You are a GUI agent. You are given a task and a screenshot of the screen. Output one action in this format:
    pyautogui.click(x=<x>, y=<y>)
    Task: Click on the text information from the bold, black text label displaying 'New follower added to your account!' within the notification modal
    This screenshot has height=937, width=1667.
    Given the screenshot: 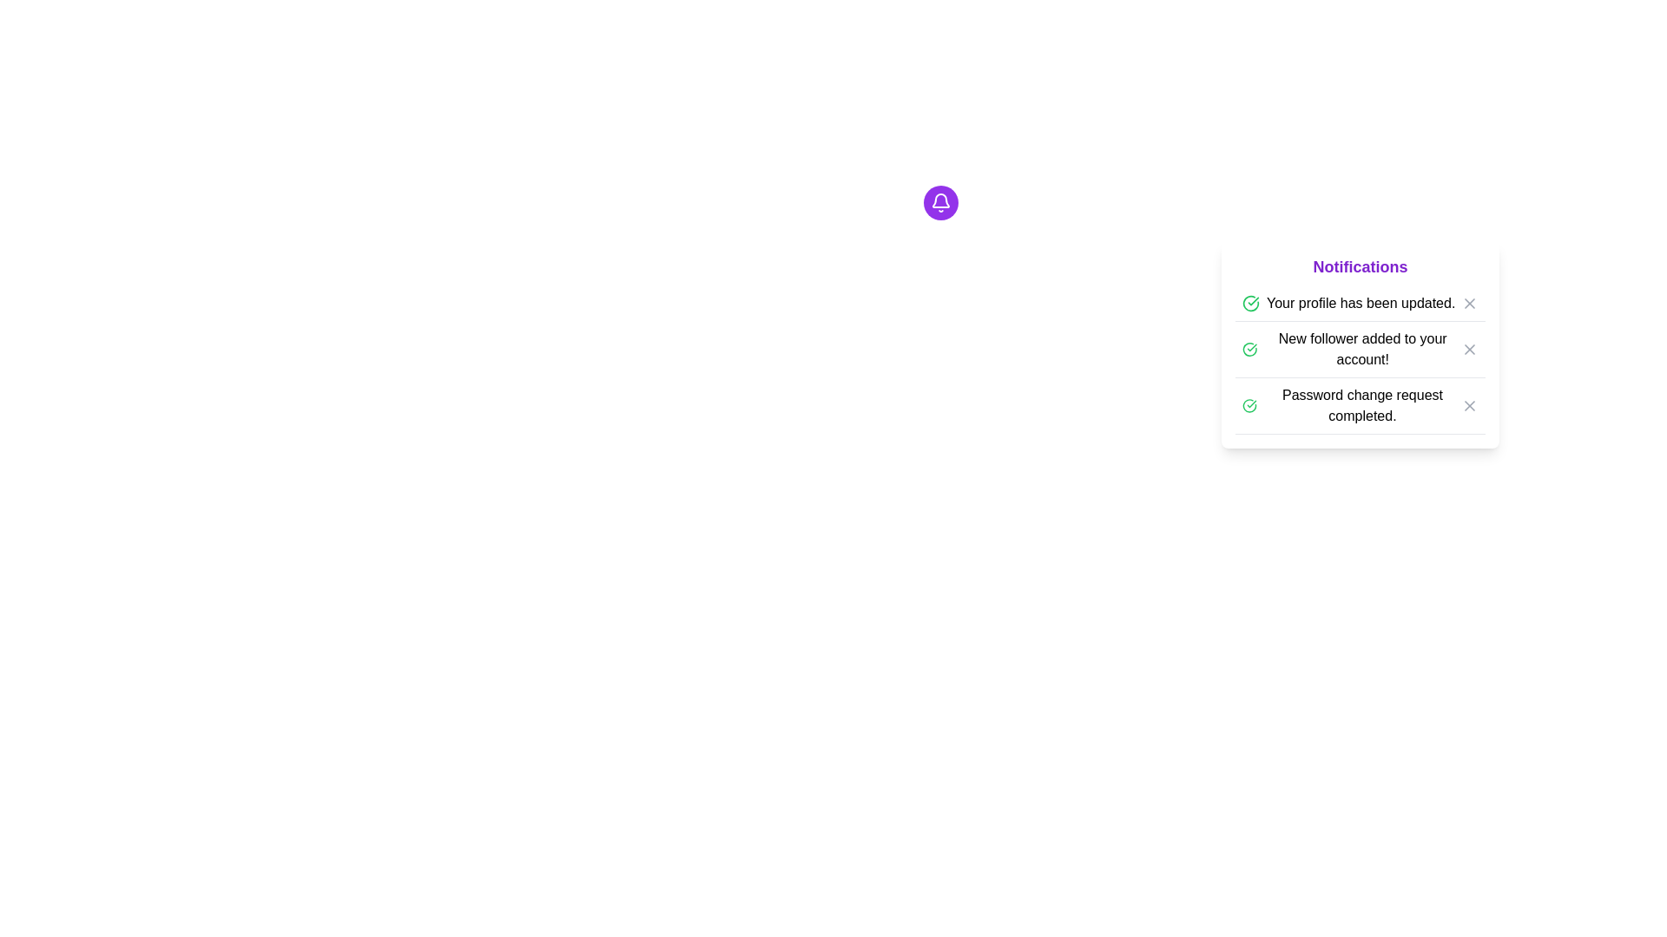 What is the action you would take?
    pyautogui.click(x=1361, y=349)
    